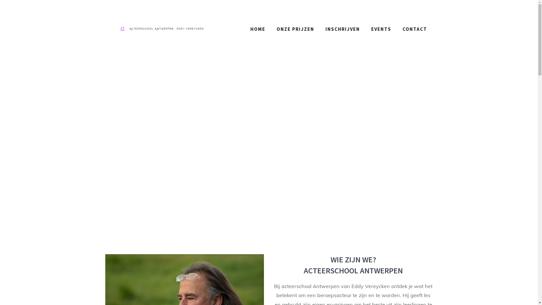  What do you see at coordinates (295, 29) in the screenshot?
I see `'ONZE PRIJZEN'` at bounding box center [295, 29].